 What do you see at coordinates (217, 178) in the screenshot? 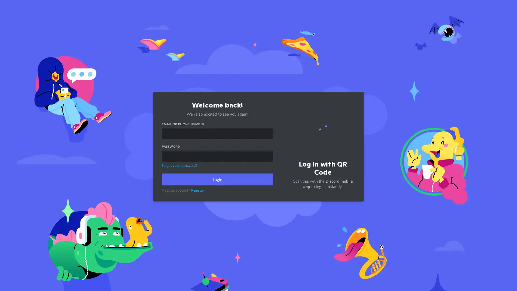
I see `Login` at bounding box center [217, 178].